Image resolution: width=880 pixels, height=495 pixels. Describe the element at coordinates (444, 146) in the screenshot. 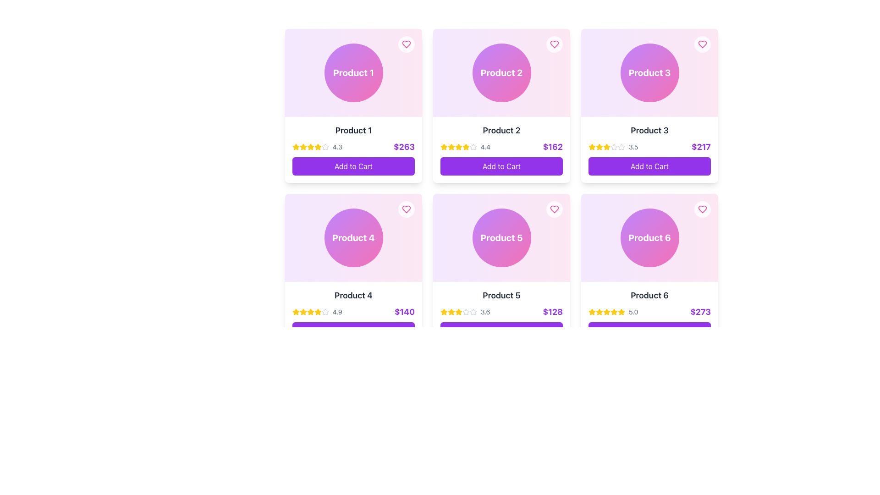

I see `the yellow star icon representing the first rating in the rating system for 'Product 2', located directly beneath the product's name and image` at that location.